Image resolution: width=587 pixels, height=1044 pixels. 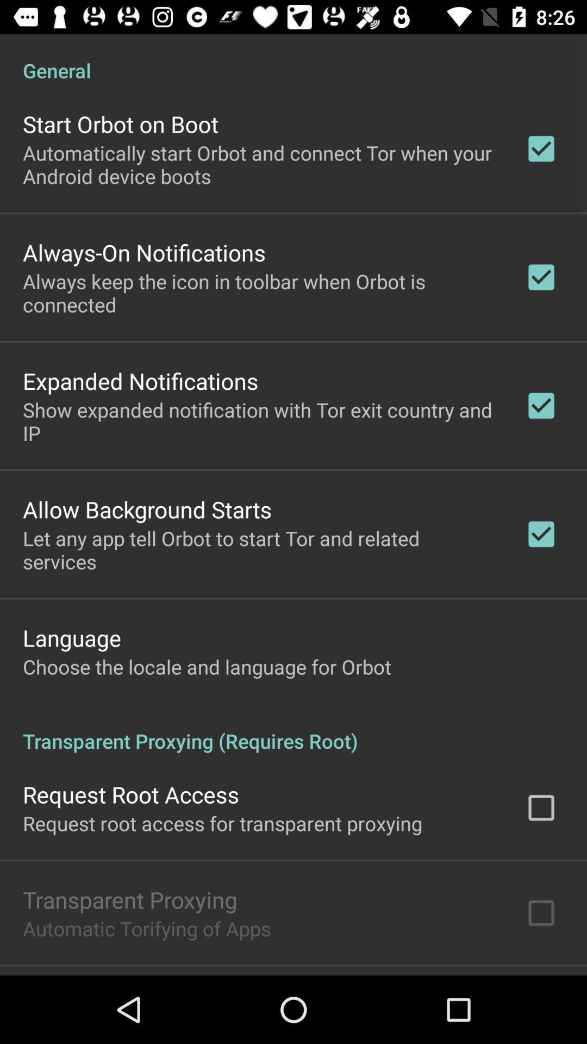 What do you see at coordinates (207, 666) in the screenshot?
I see `item below language` at bounding box center [207, 666].